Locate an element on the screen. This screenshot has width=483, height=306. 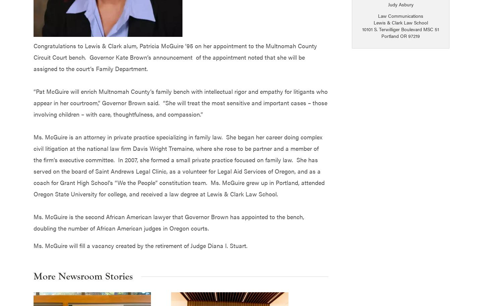
'OR' is located at coordinates (403, 35).